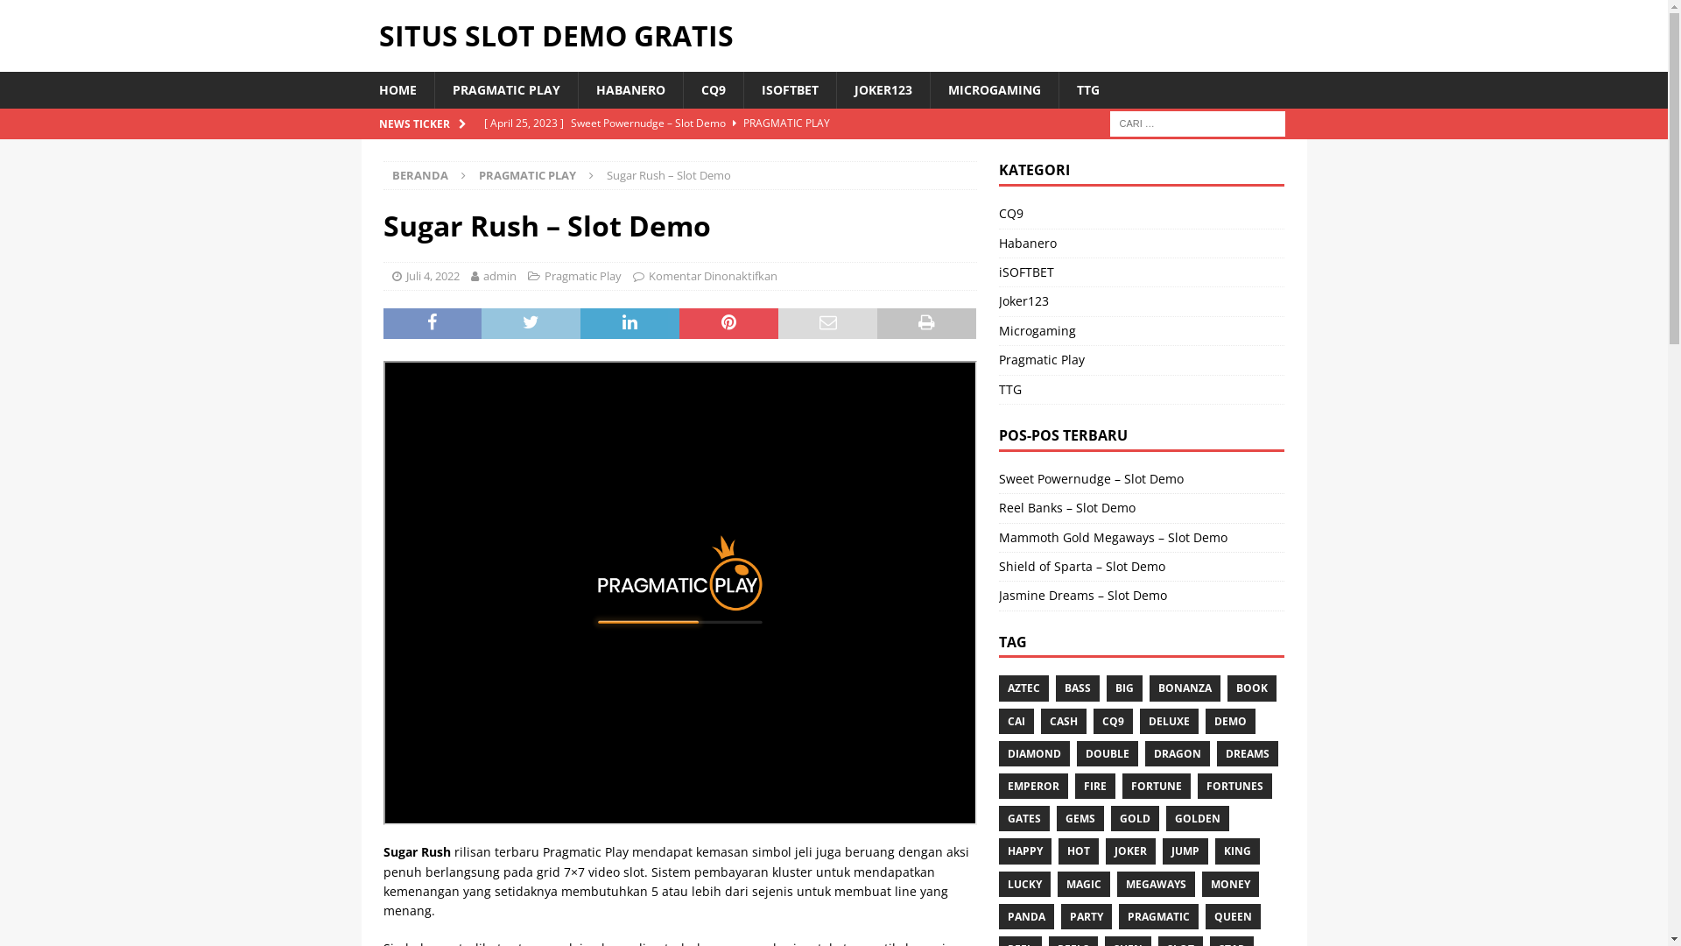 The image size is (1681, 946). Describe the element at coordinates (742, 90) in the screenshot. I see `'ISOFTBET'` at that location.